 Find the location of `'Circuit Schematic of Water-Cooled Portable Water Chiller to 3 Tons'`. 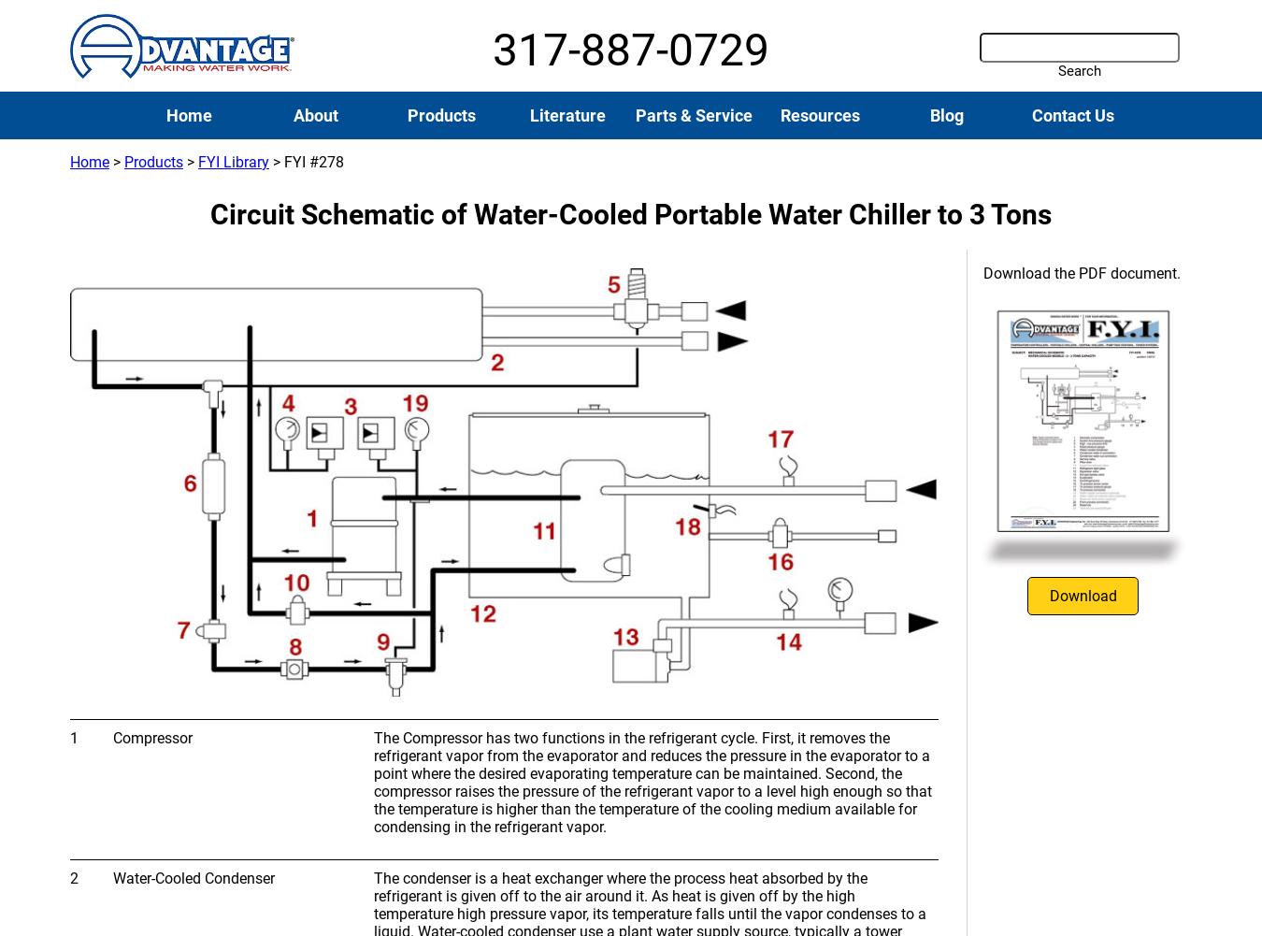

'Circuit Schematic of Water-Cooled Portable Water Chiller to 3 Tons' is located at coordinates (631, 214).